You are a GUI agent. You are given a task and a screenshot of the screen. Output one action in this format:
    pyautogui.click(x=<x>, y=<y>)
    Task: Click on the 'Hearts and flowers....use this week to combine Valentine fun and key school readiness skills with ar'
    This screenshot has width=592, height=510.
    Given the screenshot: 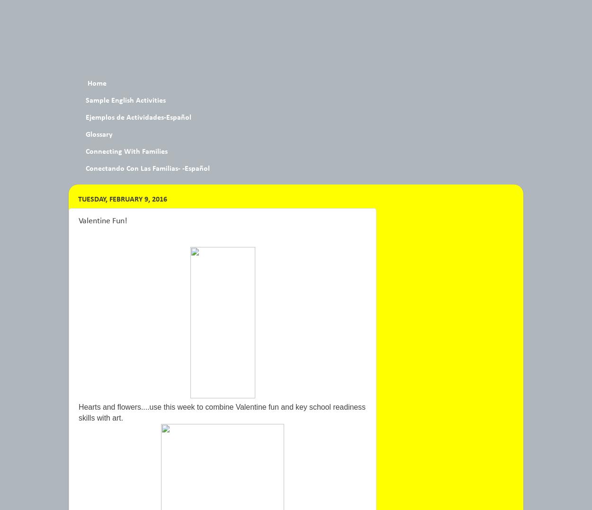 What is the action you would take?
    pyautogui.click(x=221, y=412)
    